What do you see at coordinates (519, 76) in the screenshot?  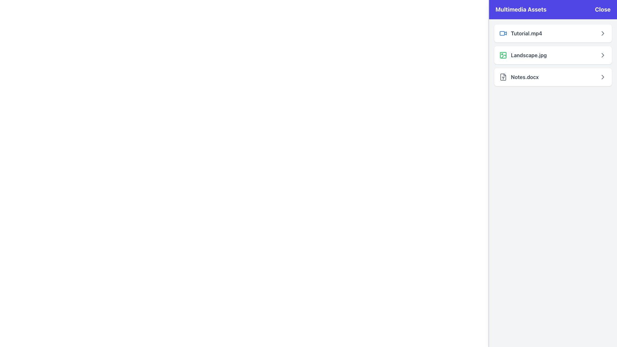 I see `the third item` at bounding box center [519, 76].